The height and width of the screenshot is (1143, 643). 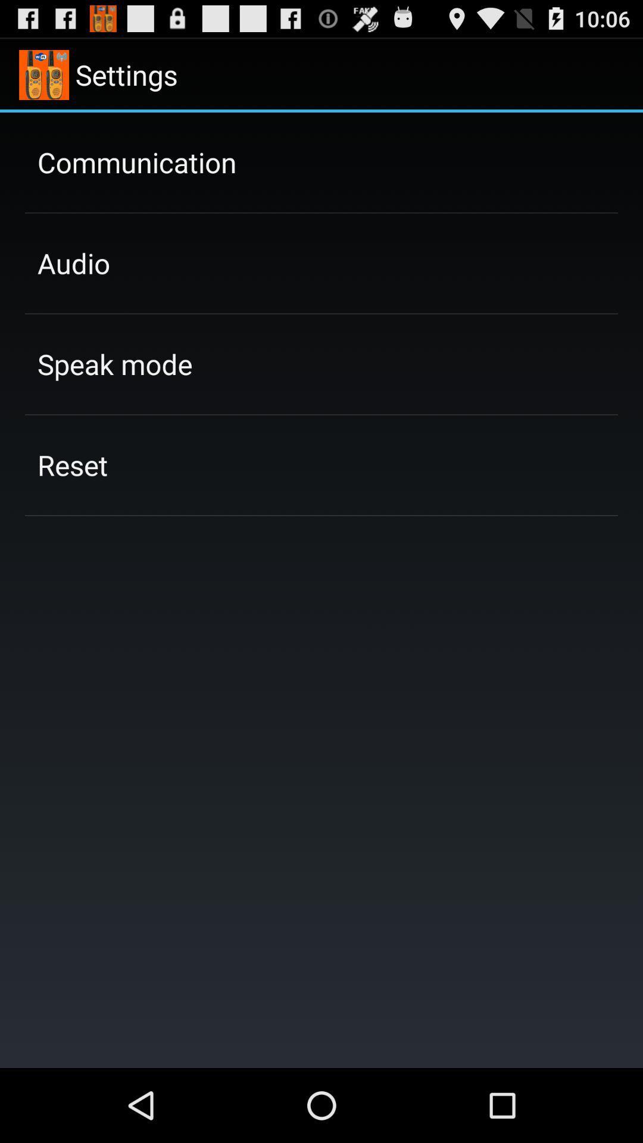 I want to click on item below audio app, so click(x=115, y=363).